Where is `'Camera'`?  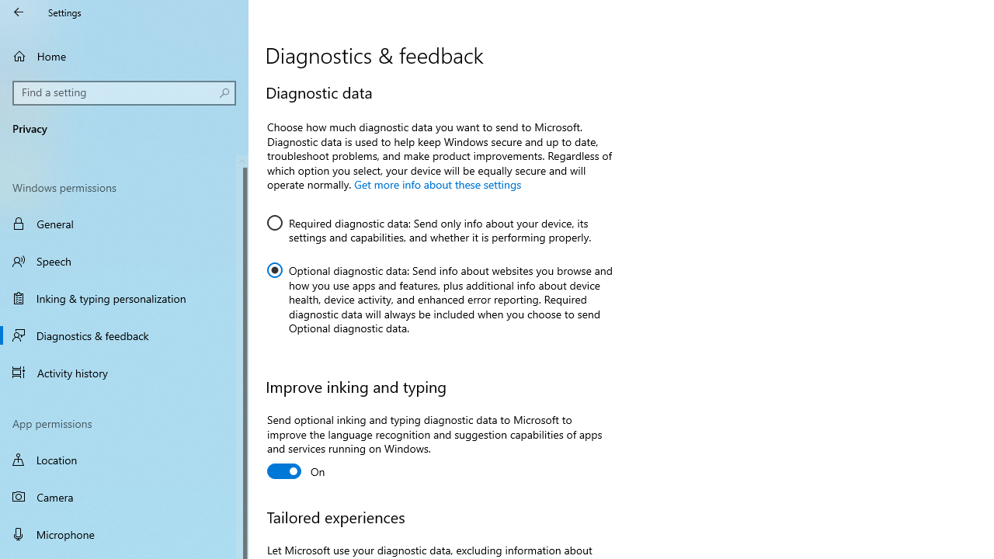
'Camera' is located at coordinates (124, 497).